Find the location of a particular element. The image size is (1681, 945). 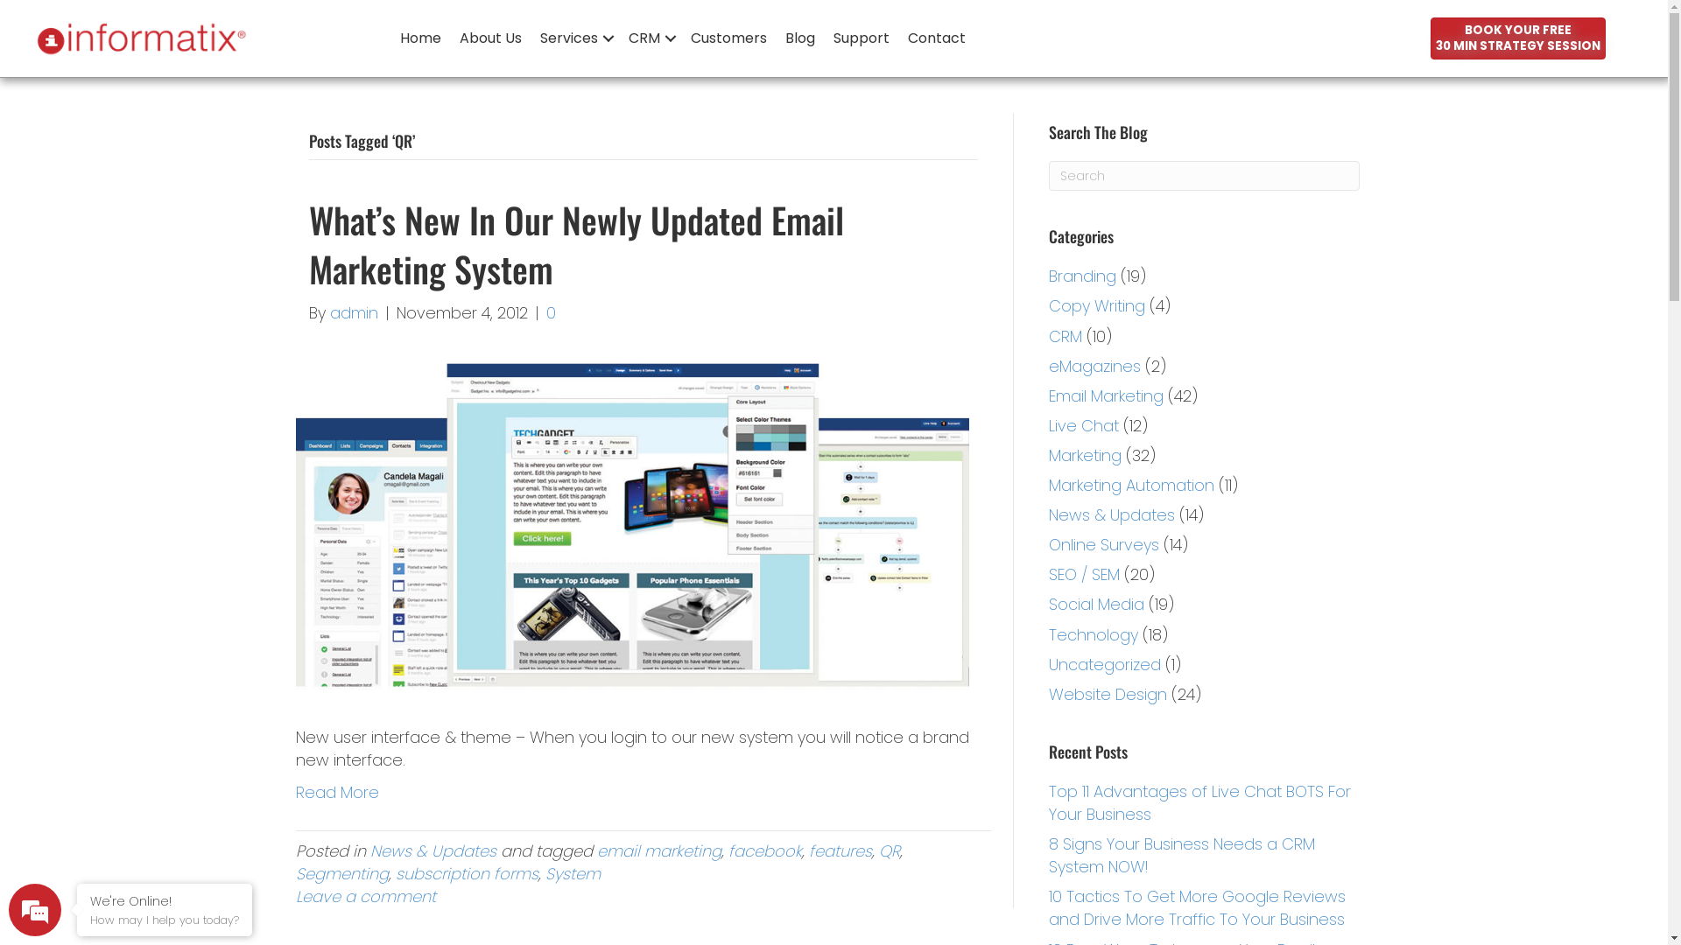

'Type and press Enter to search.' is located at coordinates (1203, 175).